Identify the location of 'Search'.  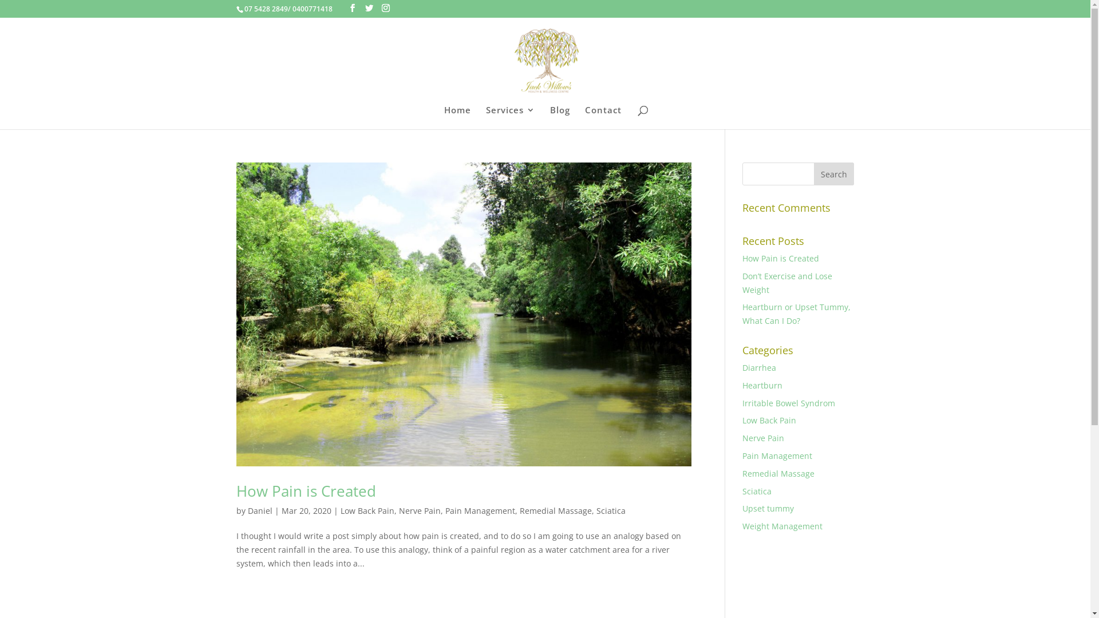
(834, 174).